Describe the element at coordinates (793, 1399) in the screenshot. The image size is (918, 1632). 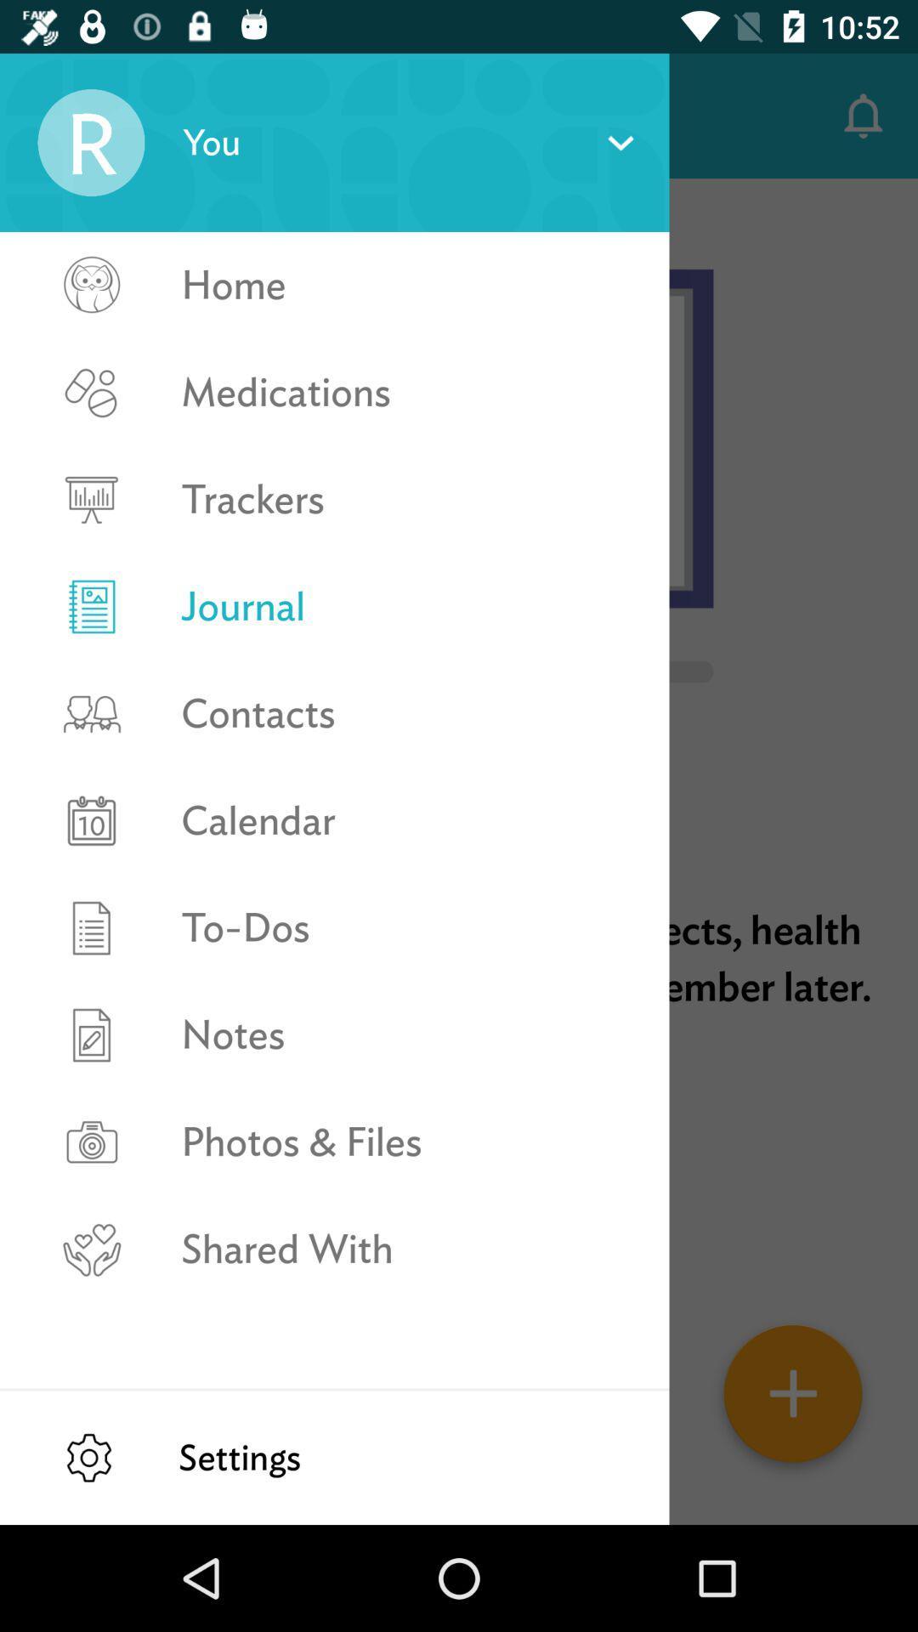
I see `the add icon` at that location.